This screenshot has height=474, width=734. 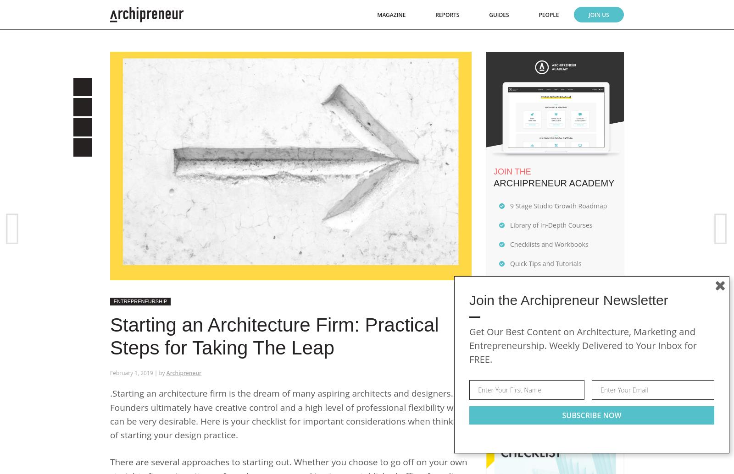 What do you see at coordinates (549, 243) in the screenshot?
I see `'Checklists and Workbooks'` at bounding box center [549, 243].